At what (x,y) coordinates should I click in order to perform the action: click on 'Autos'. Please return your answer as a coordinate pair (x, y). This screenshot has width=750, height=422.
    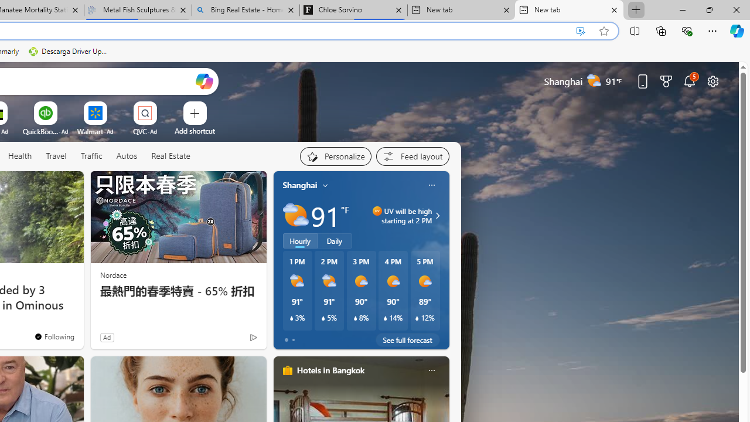
    Looking at the image, I should click on (127, 155).